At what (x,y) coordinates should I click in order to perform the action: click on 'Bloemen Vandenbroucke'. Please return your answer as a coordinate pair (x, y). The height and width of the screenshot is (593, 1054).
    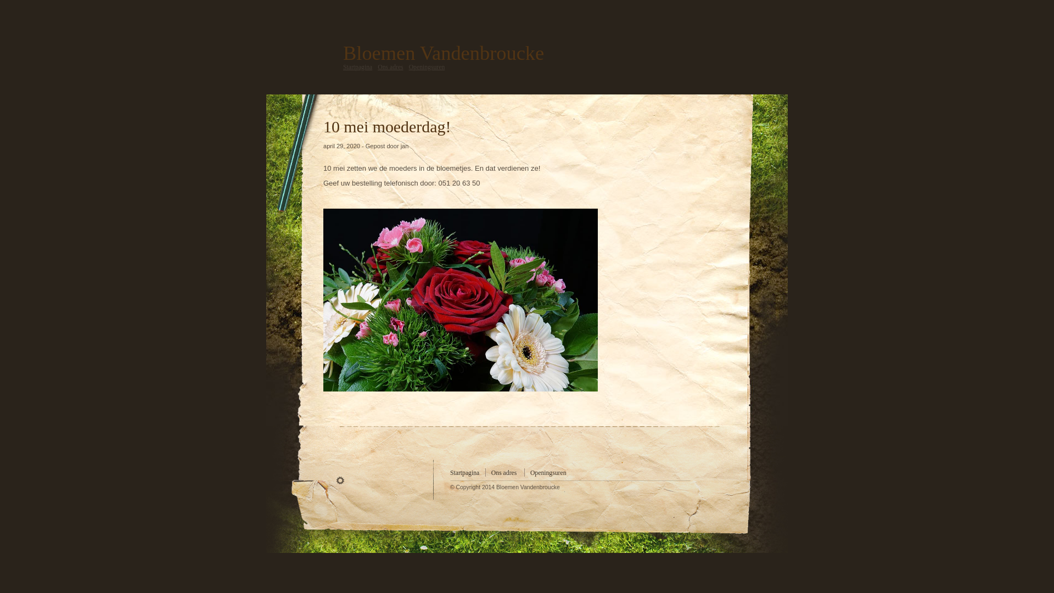
    Looking at the image, I should click on (443, 53).